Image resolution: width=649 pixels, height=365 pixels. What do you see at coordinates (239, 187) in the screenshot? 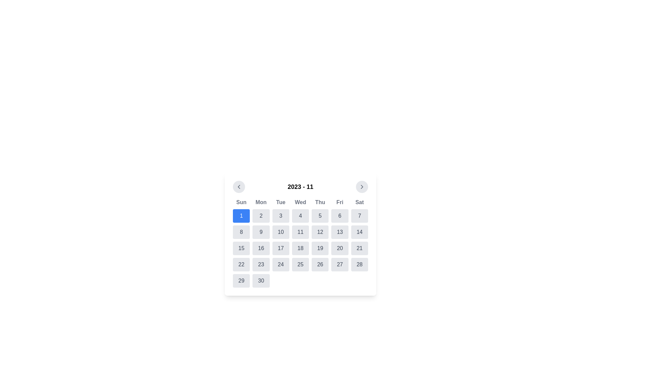
I see `the left-pointing chevron-shaped icon within the calendar header to trigger an interaction` at bounding box center [239, 187].